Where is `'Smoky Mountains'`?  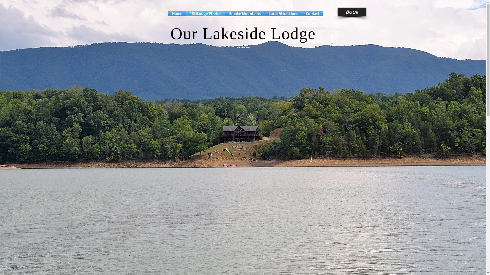 'Smoky Mountains' is located at coordinates (244, 13).